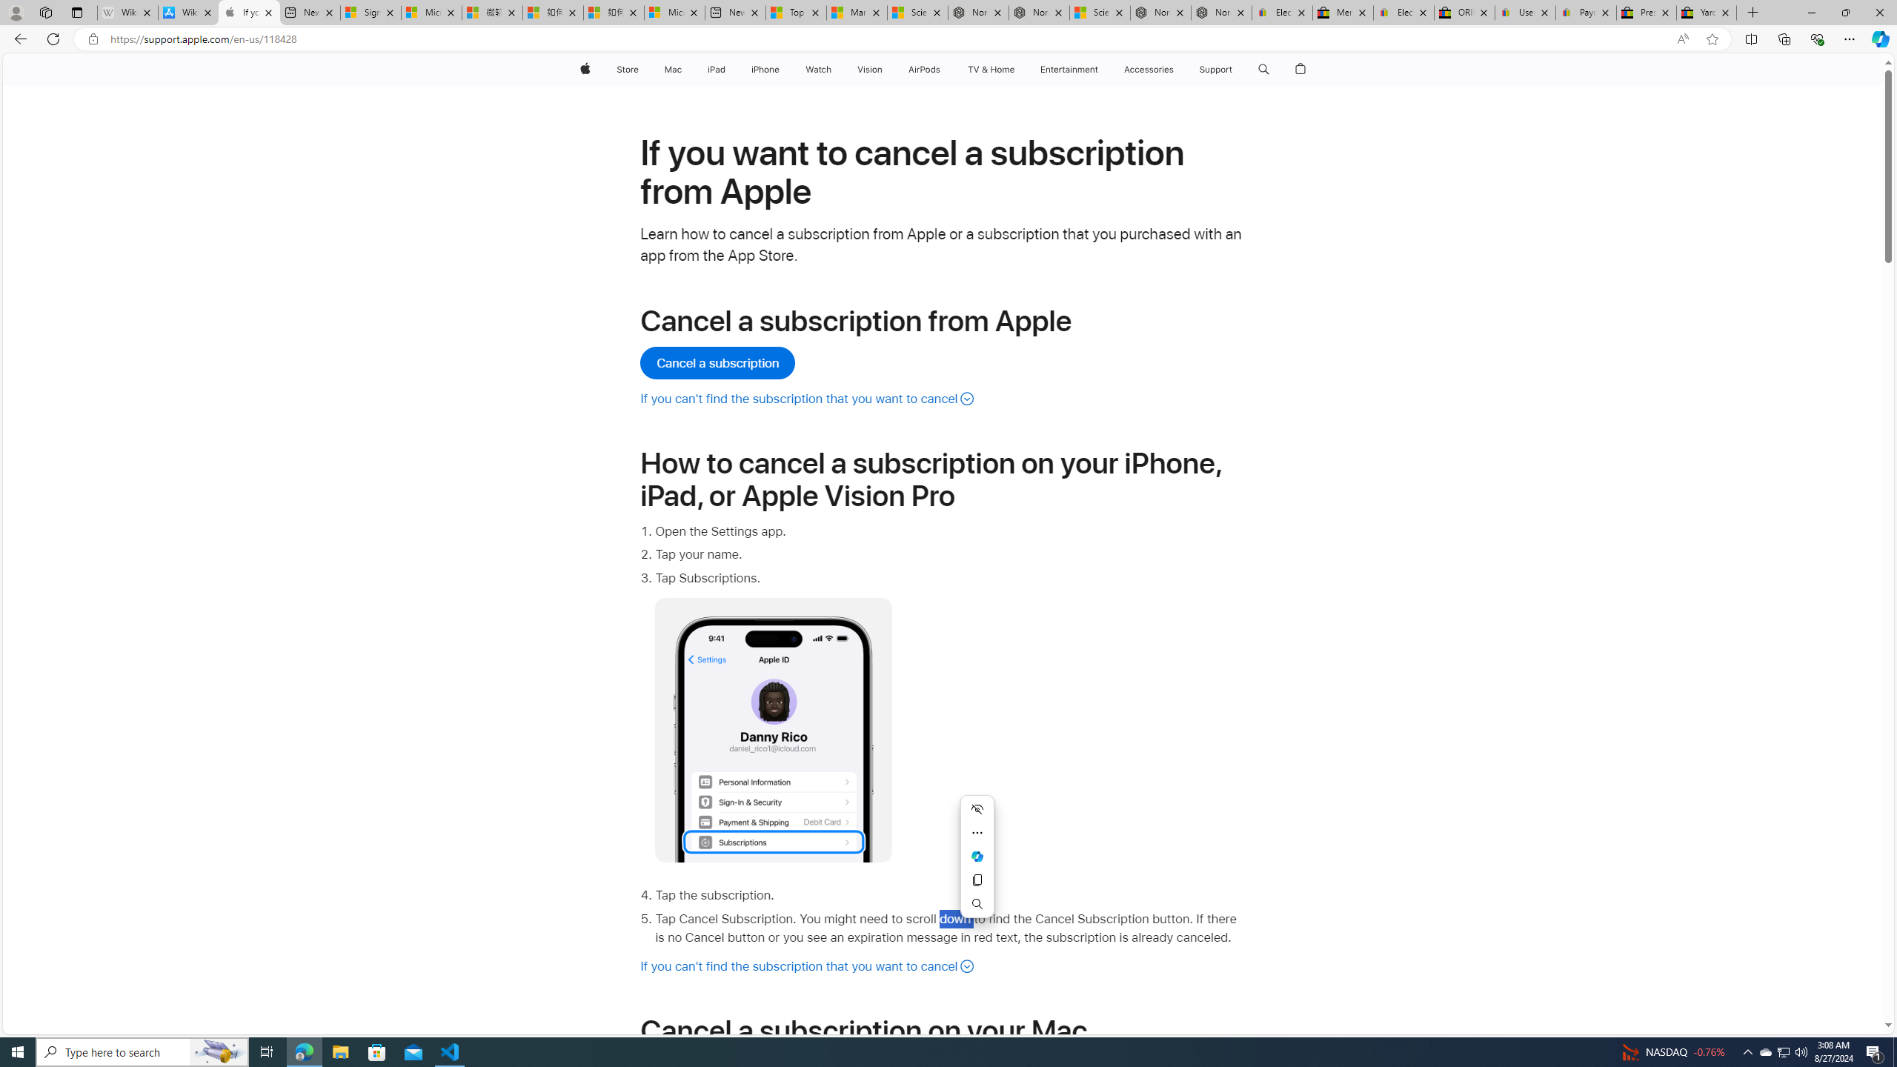 Image resolution: width=1897 pixels, height=1067 pixels. Describe the element at coordinates (674, 12) in the screenshot. I see `'Microsoft account | Account Checkup'` at that location.